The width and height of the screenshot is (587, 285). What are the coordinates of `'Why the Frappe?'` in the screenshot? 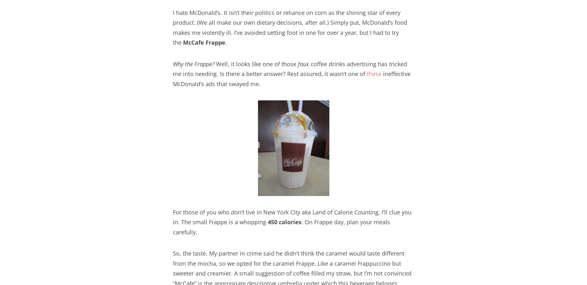 It's located at (173, 63).